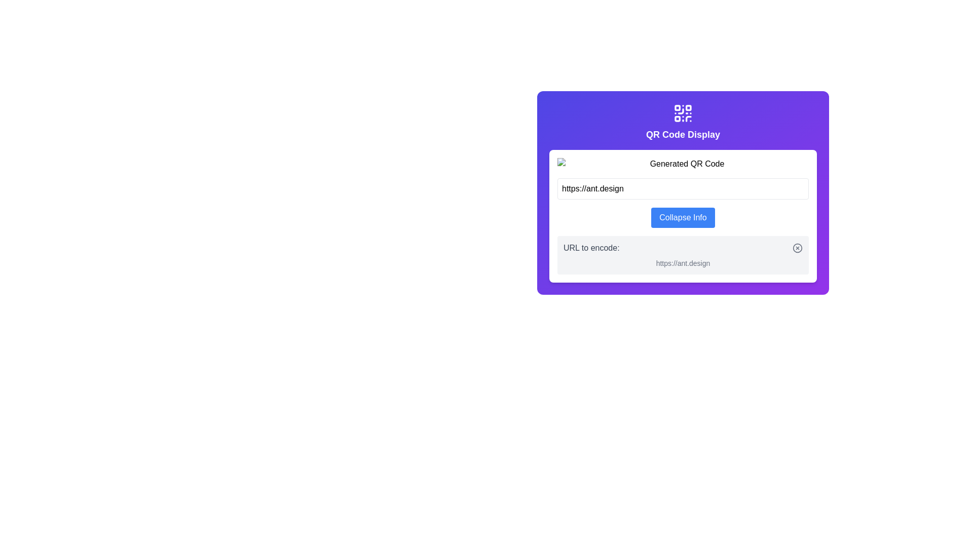 This screenshot has height=547, width=973. I want to click on the blue rectangular button labeled 'Collapse Info', so click(683, 217).